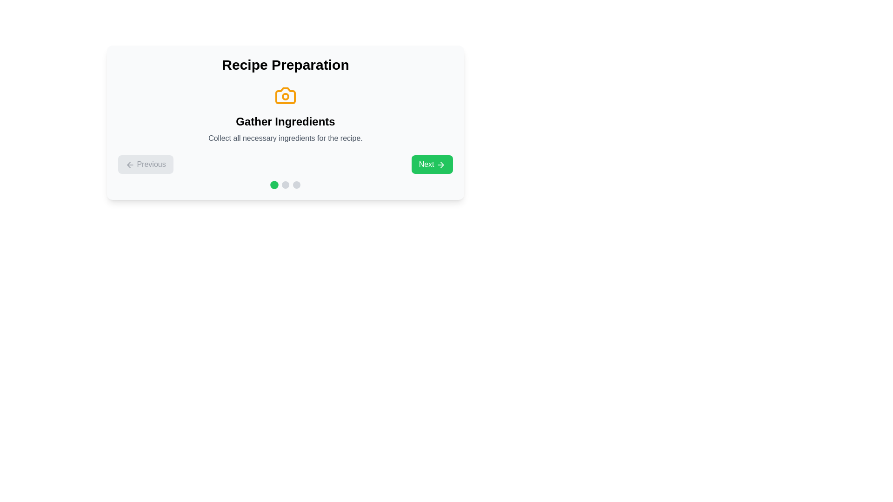 The image size is (893, 502). I want to click on the arrow icon within the green 'Next' button, so click(441, 164).